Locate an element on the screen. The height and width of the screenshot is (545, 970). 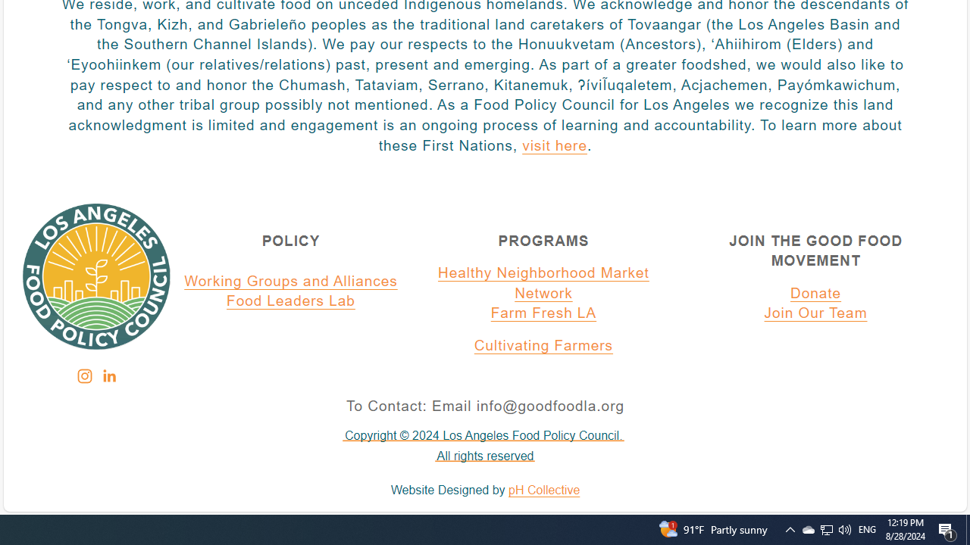
'Class: sqs-svg-icon--social' is located at coordinates (108, 375).